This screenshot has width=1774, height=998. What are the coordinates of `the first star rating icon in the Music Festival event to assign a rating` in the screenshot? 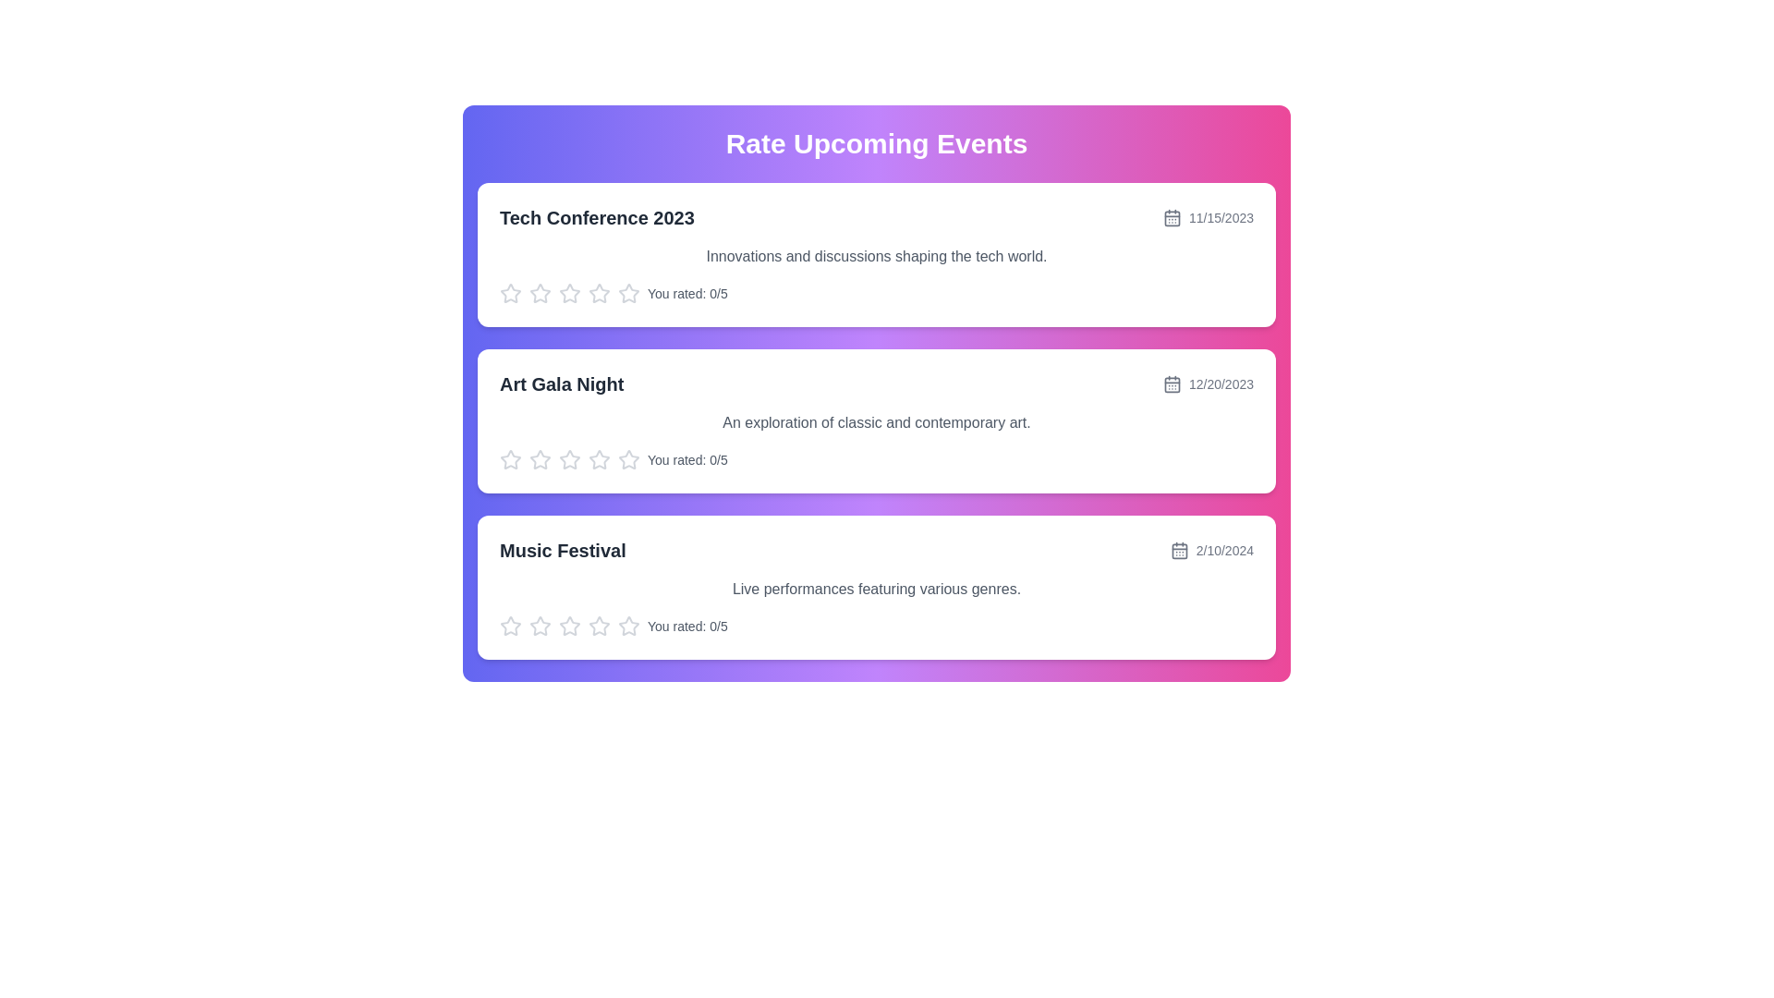 It's located at (510, 625).